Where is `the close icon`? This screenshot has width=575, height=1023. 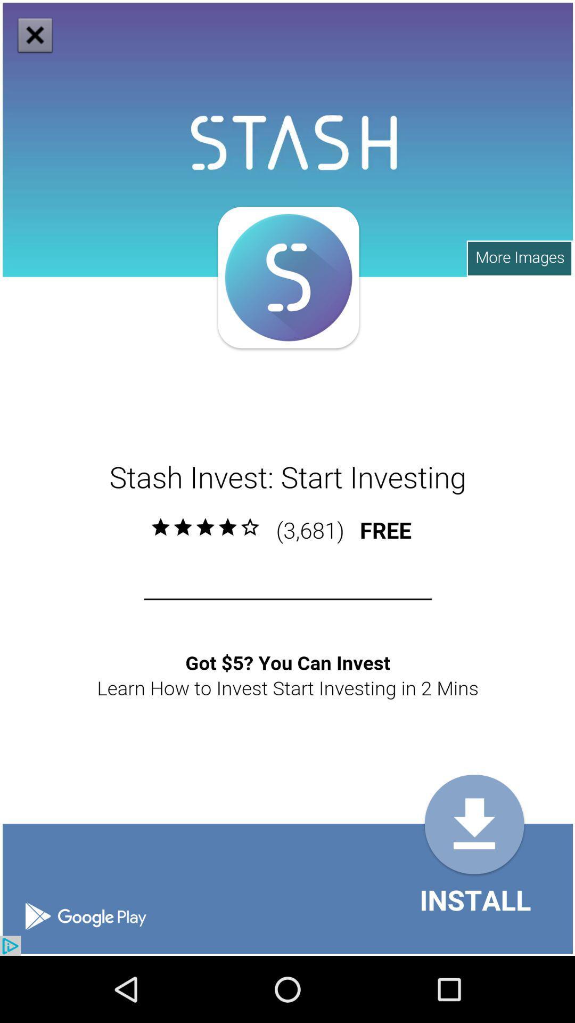 the close icon is located at coordinates (34, 37).